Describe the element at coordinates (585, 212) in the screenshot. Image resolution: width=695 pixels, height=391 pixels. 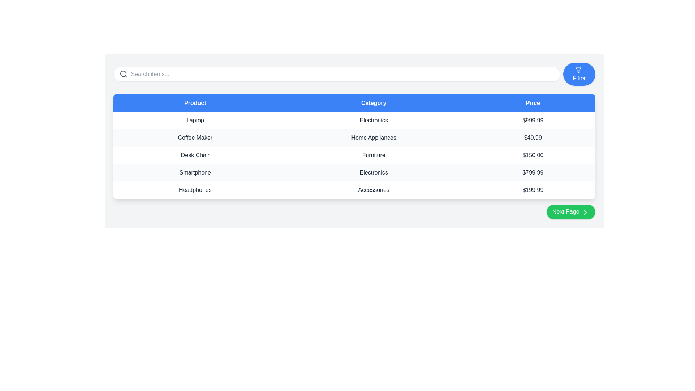
I see `the rightward-pointing chevron arrow icon located at the center of the green circular button labeled 'Next Page'` at that location.